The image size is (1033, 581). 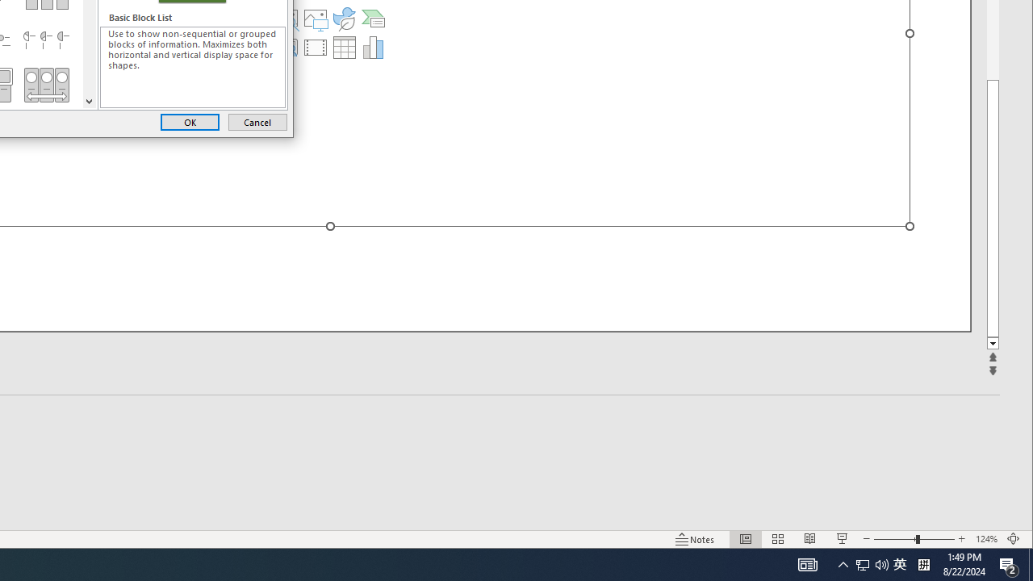 What do you see at coordinates (343, 47) in the screenshot?
I see `'Insert Table'` at bounding box center [343, 47].